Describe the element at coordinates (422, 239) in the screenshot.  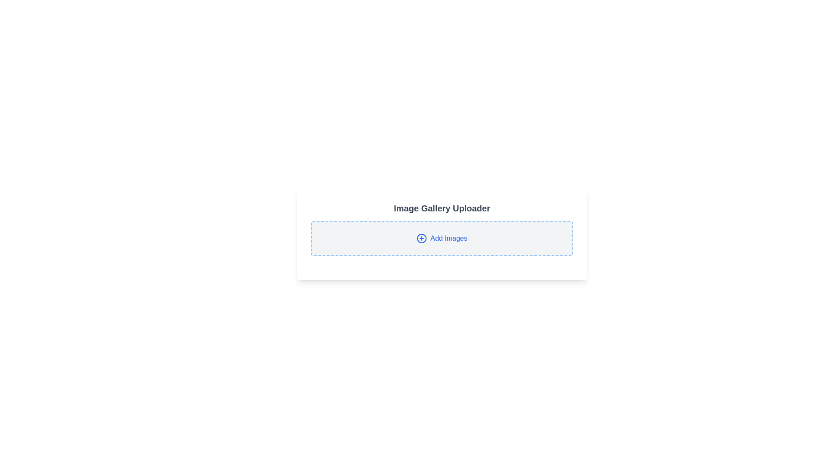
I see `the small circular blue outlined icon with a blue plus symbol inside, located in the center-left of the 'Add Images' button` at that location.